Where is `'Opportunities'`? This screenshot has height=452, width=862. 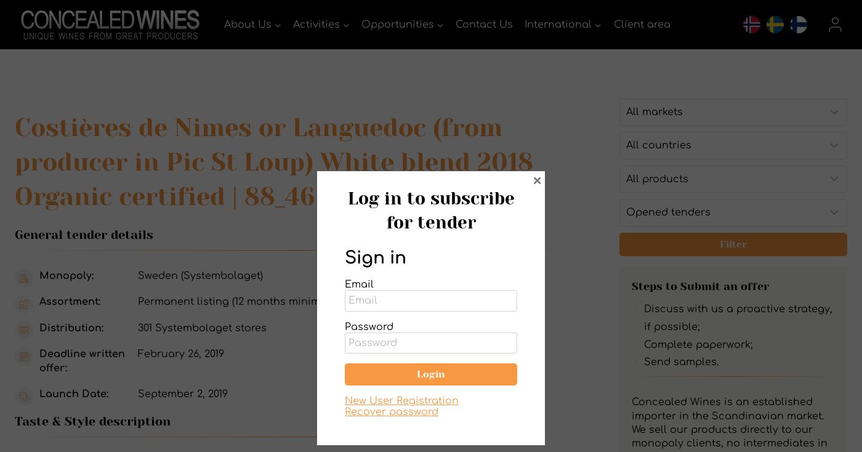
'Opportunities' is located at coordinates (397, 23).